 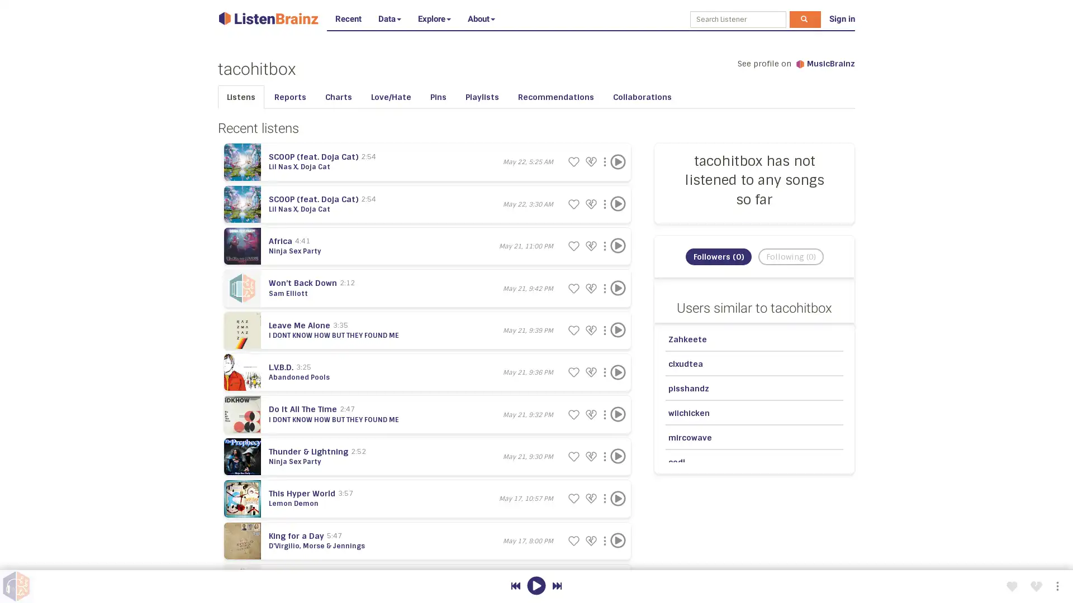 I want to click on Play, so click(x=617, y=498).